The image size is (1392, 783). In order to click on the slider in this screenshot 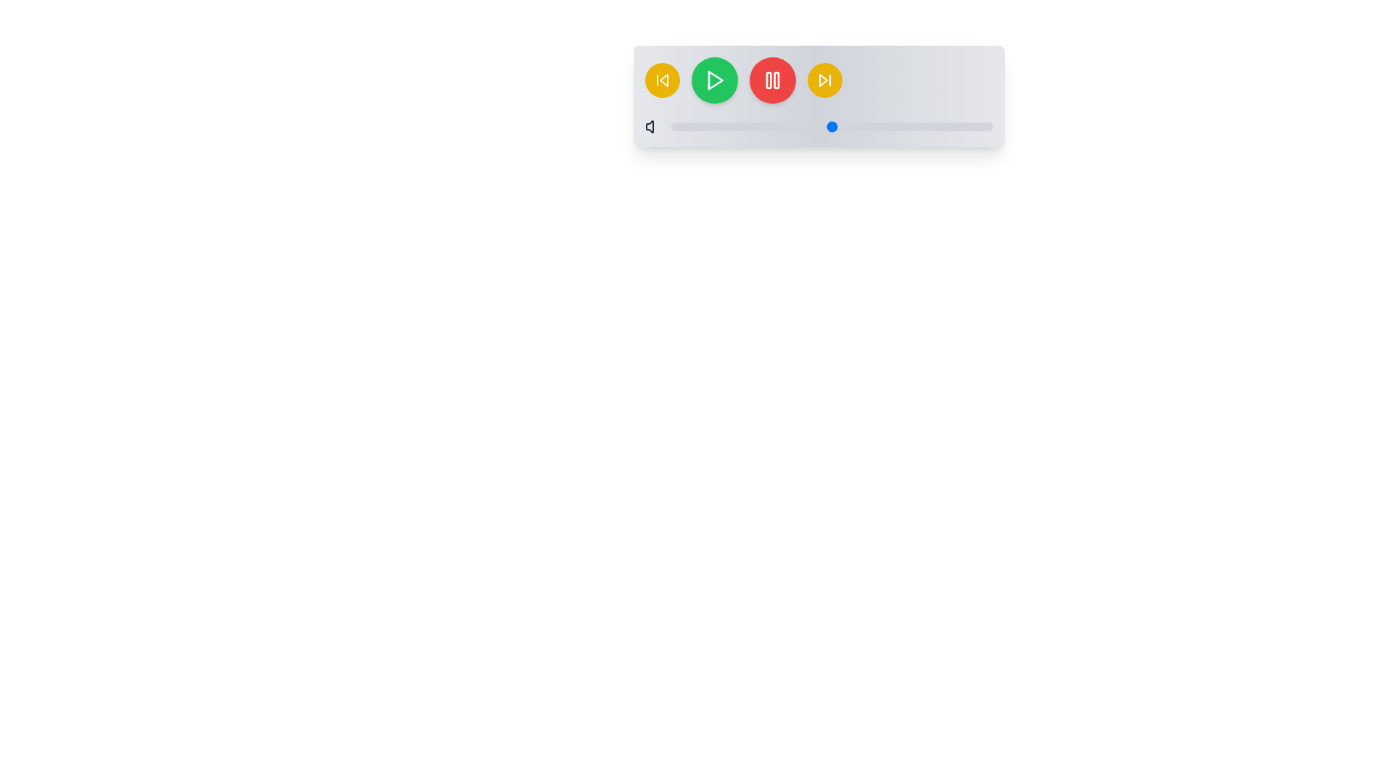, I will do `click(692, 125)`.